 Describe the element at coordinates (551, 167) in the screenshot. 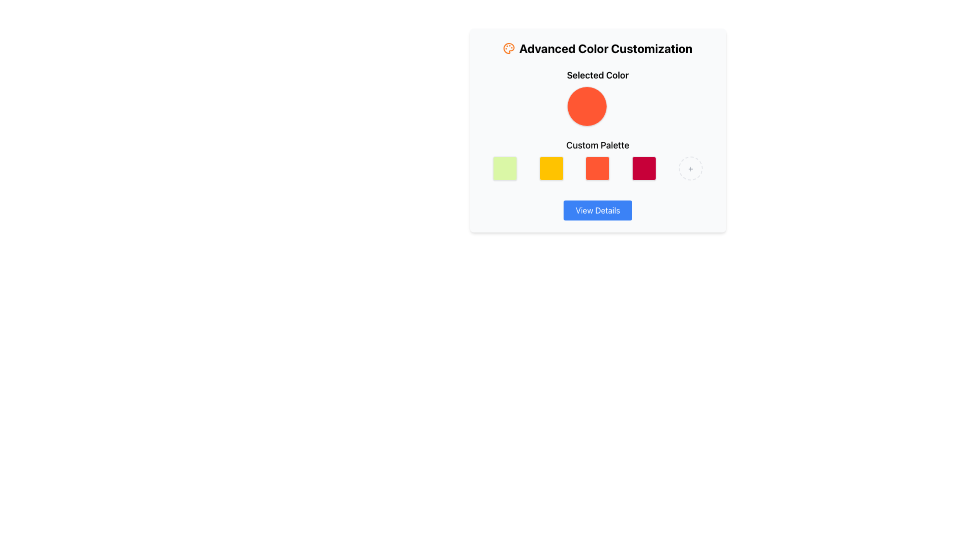

I see `the second color swatch with a yellow fill (RGB 255, 195, 0)` at that location.